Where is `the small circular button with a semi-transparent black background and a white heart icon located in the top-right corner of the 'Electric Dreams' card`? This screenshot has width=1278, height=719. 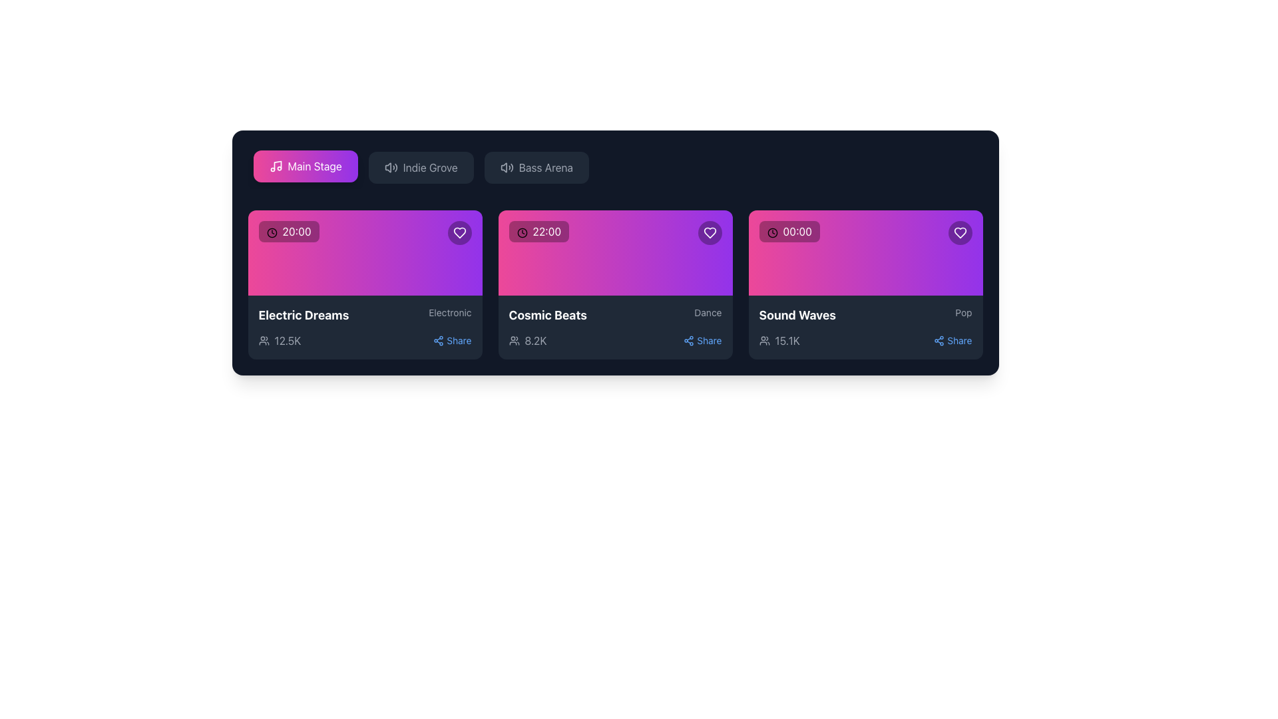 the small circular button with a semi-transparent black background and a white heart icon located in the top-right corner of the 'Electric Dreams' card is located at coordinates (459, 232).